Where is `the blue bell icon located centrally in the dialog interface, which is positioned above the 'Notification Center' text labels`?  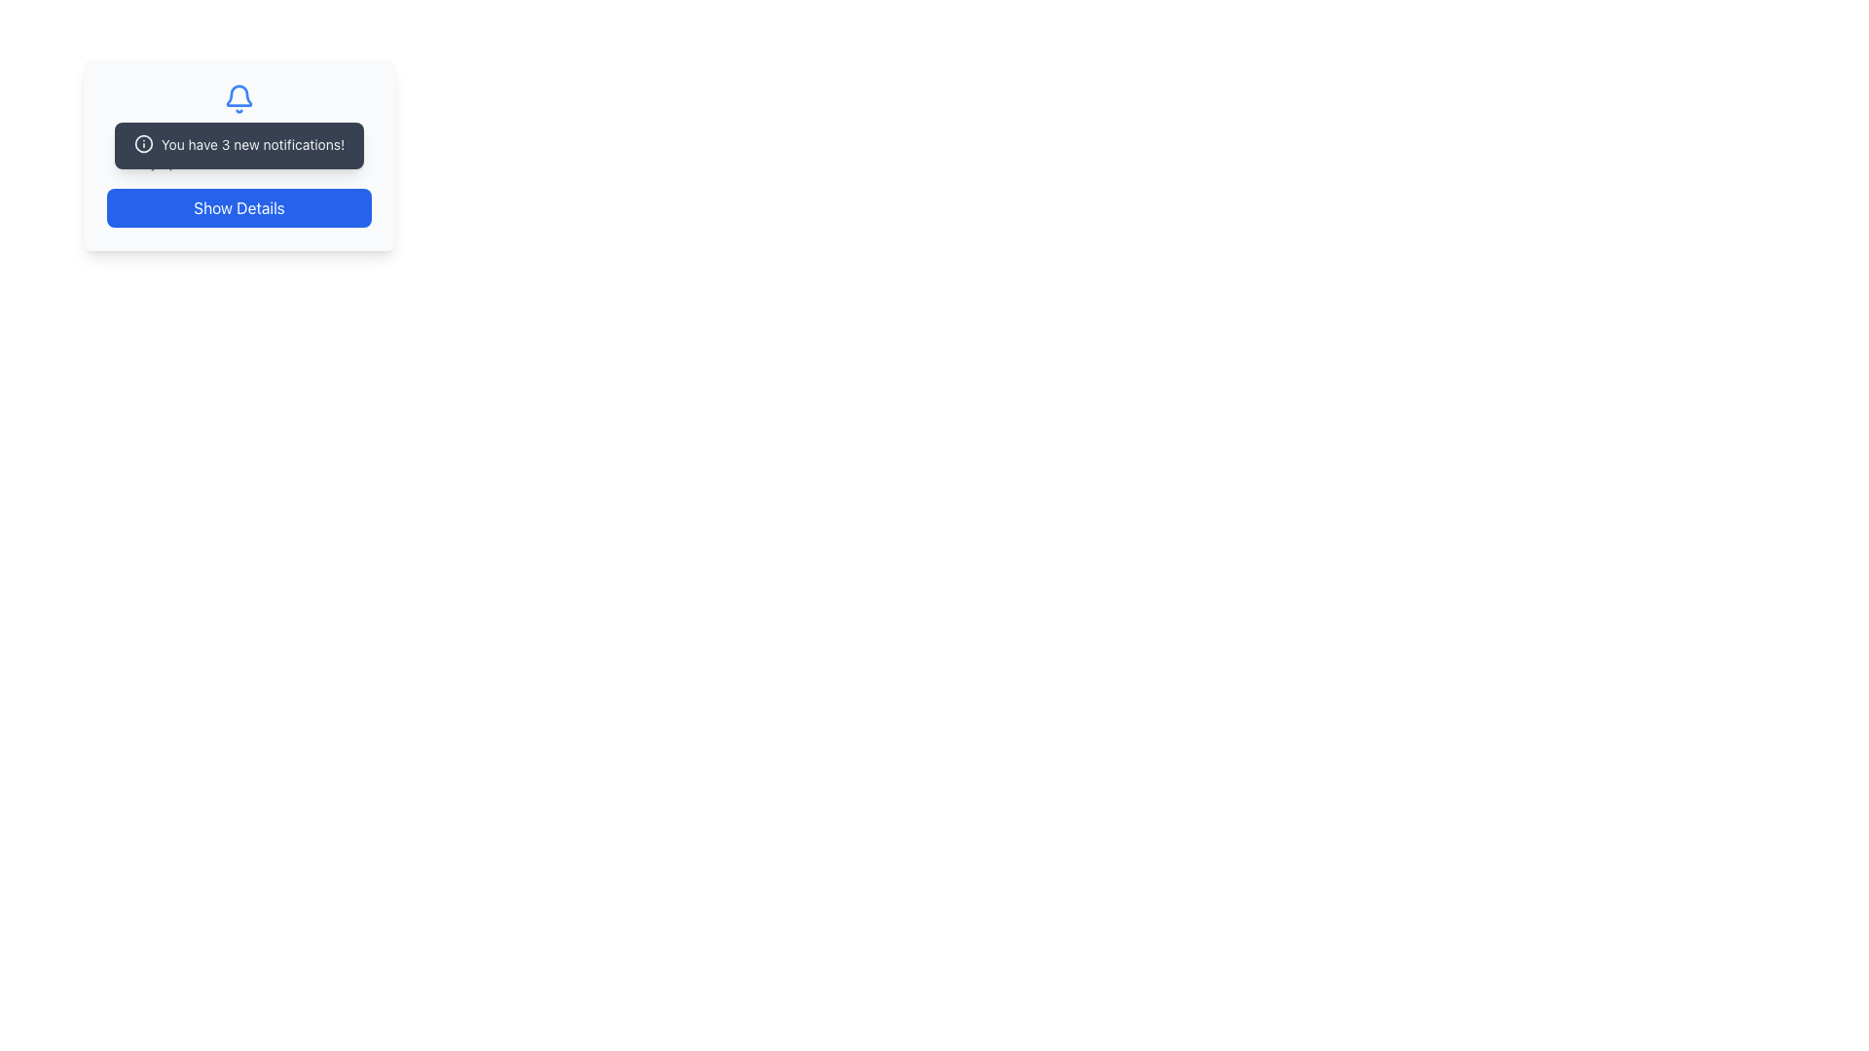
the blue bell icon located centrally in the dialog interface, which is positioned above the 'Notification Center' text labels is located at coordinates (238, 98).